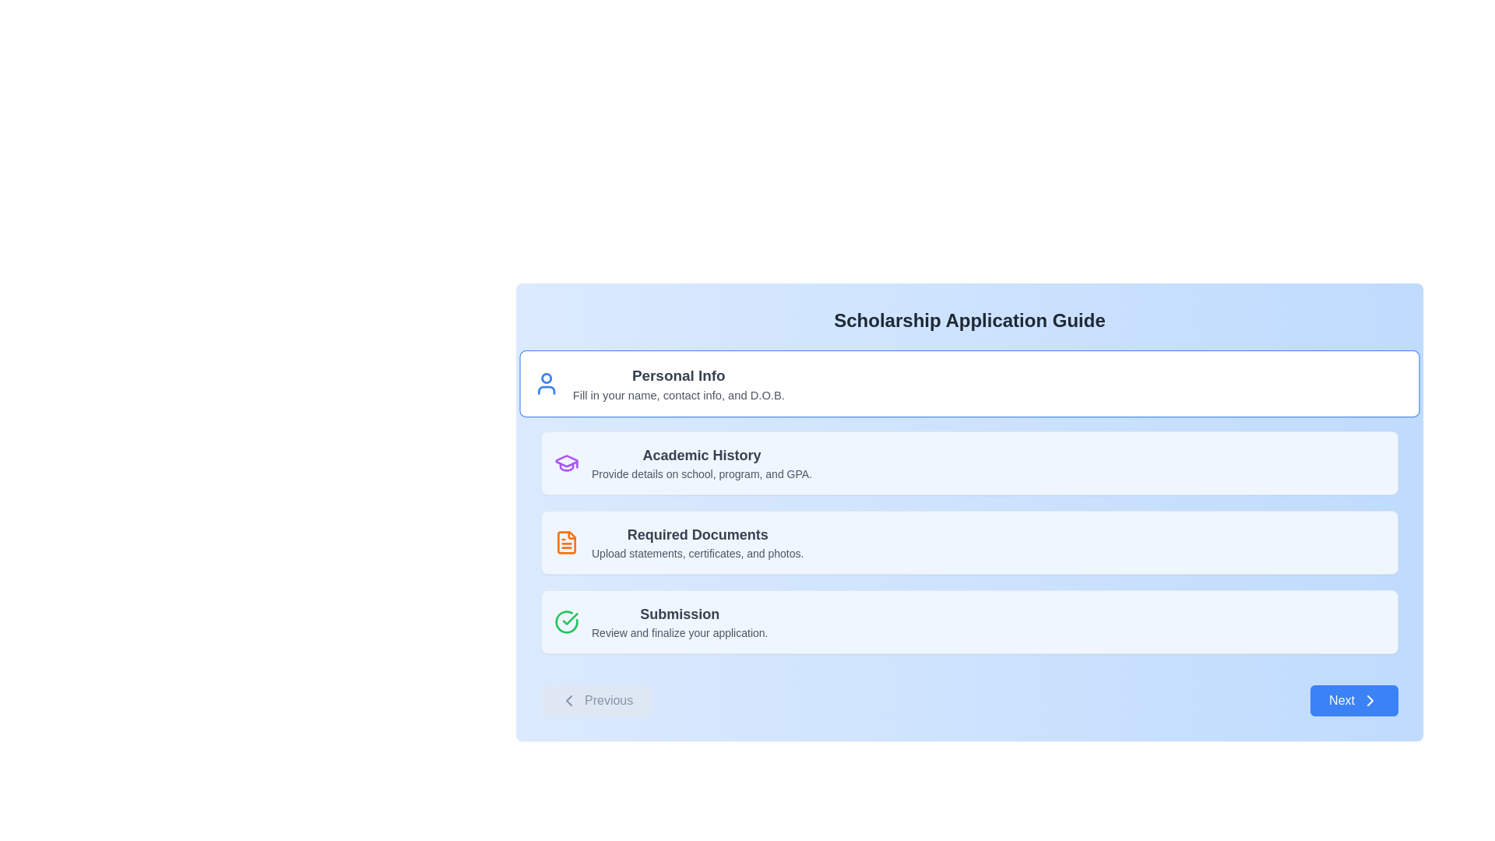 This screenshot has height=841, width=1495. What do you see at coordinates (566, 621) in the screenshot?
I see `the completion status icon located in the 'Submission' section, immediately to the left of the text 'Submission' and its subtitle 'Review and finalize your application.'` at bounding box center [566, 621].